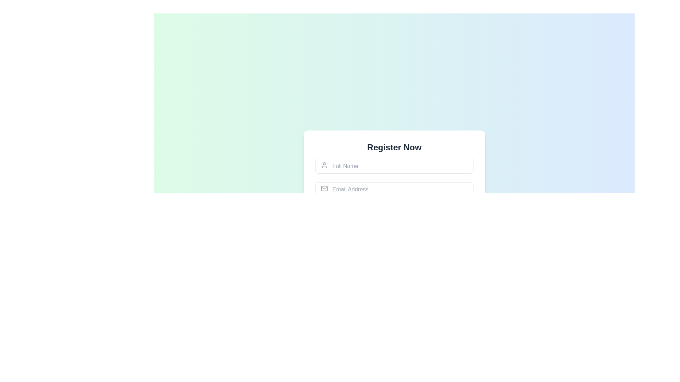  I want to click on the vector graphic element of the envelope icon that is part of the email input field, so click(324, 187).